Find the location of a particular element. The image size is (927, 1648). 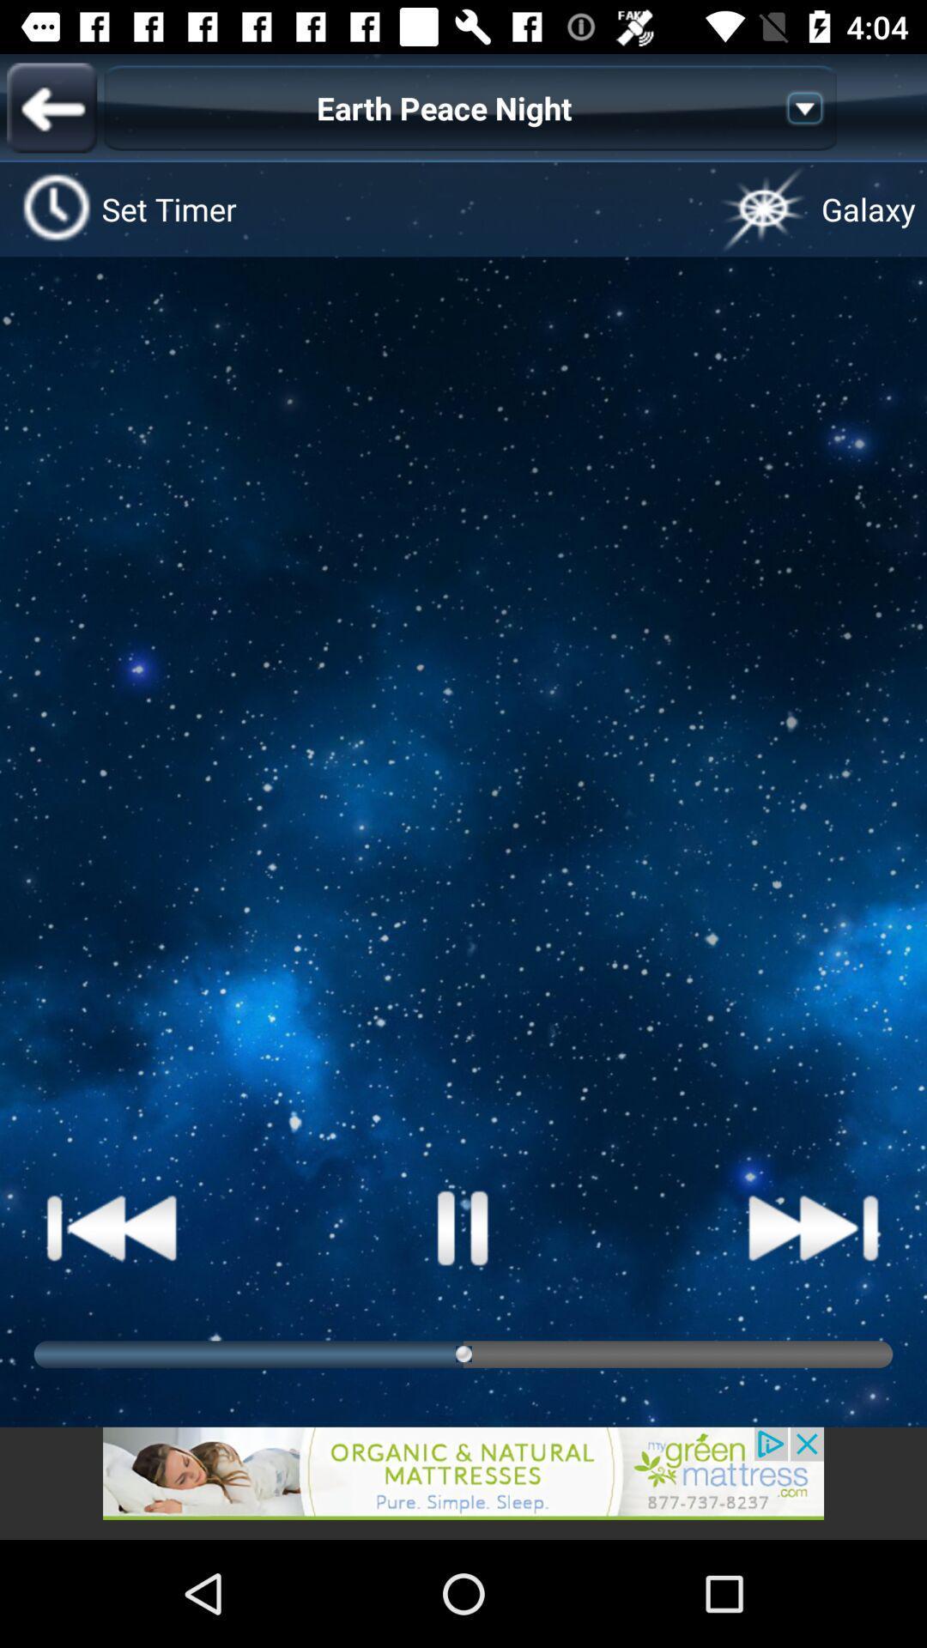

forward is located at coordinates (813, 1227).